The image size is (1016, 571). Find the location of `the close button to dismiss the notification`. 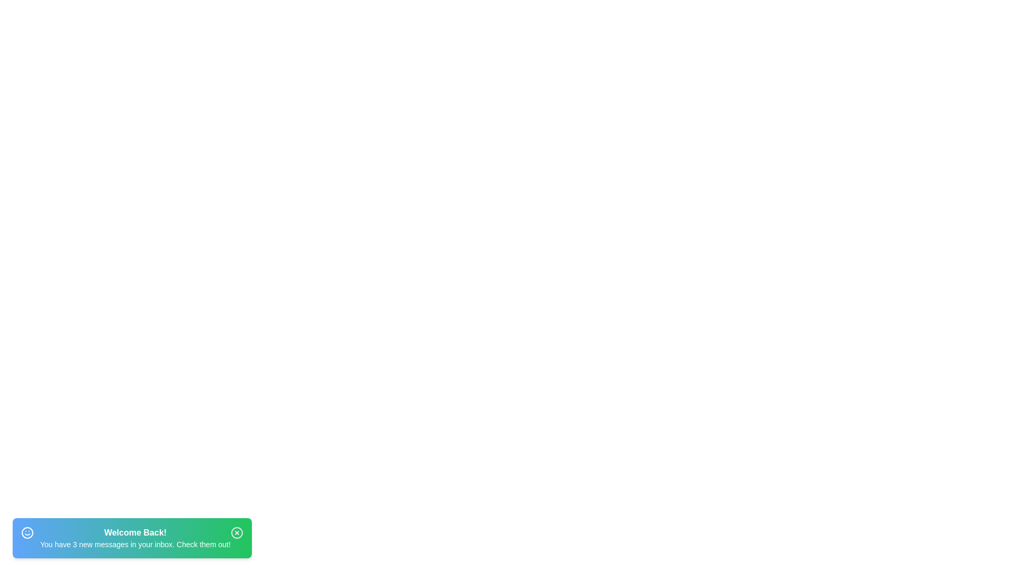

the close button to dismiss the notification is located at coordinates (236, 532).